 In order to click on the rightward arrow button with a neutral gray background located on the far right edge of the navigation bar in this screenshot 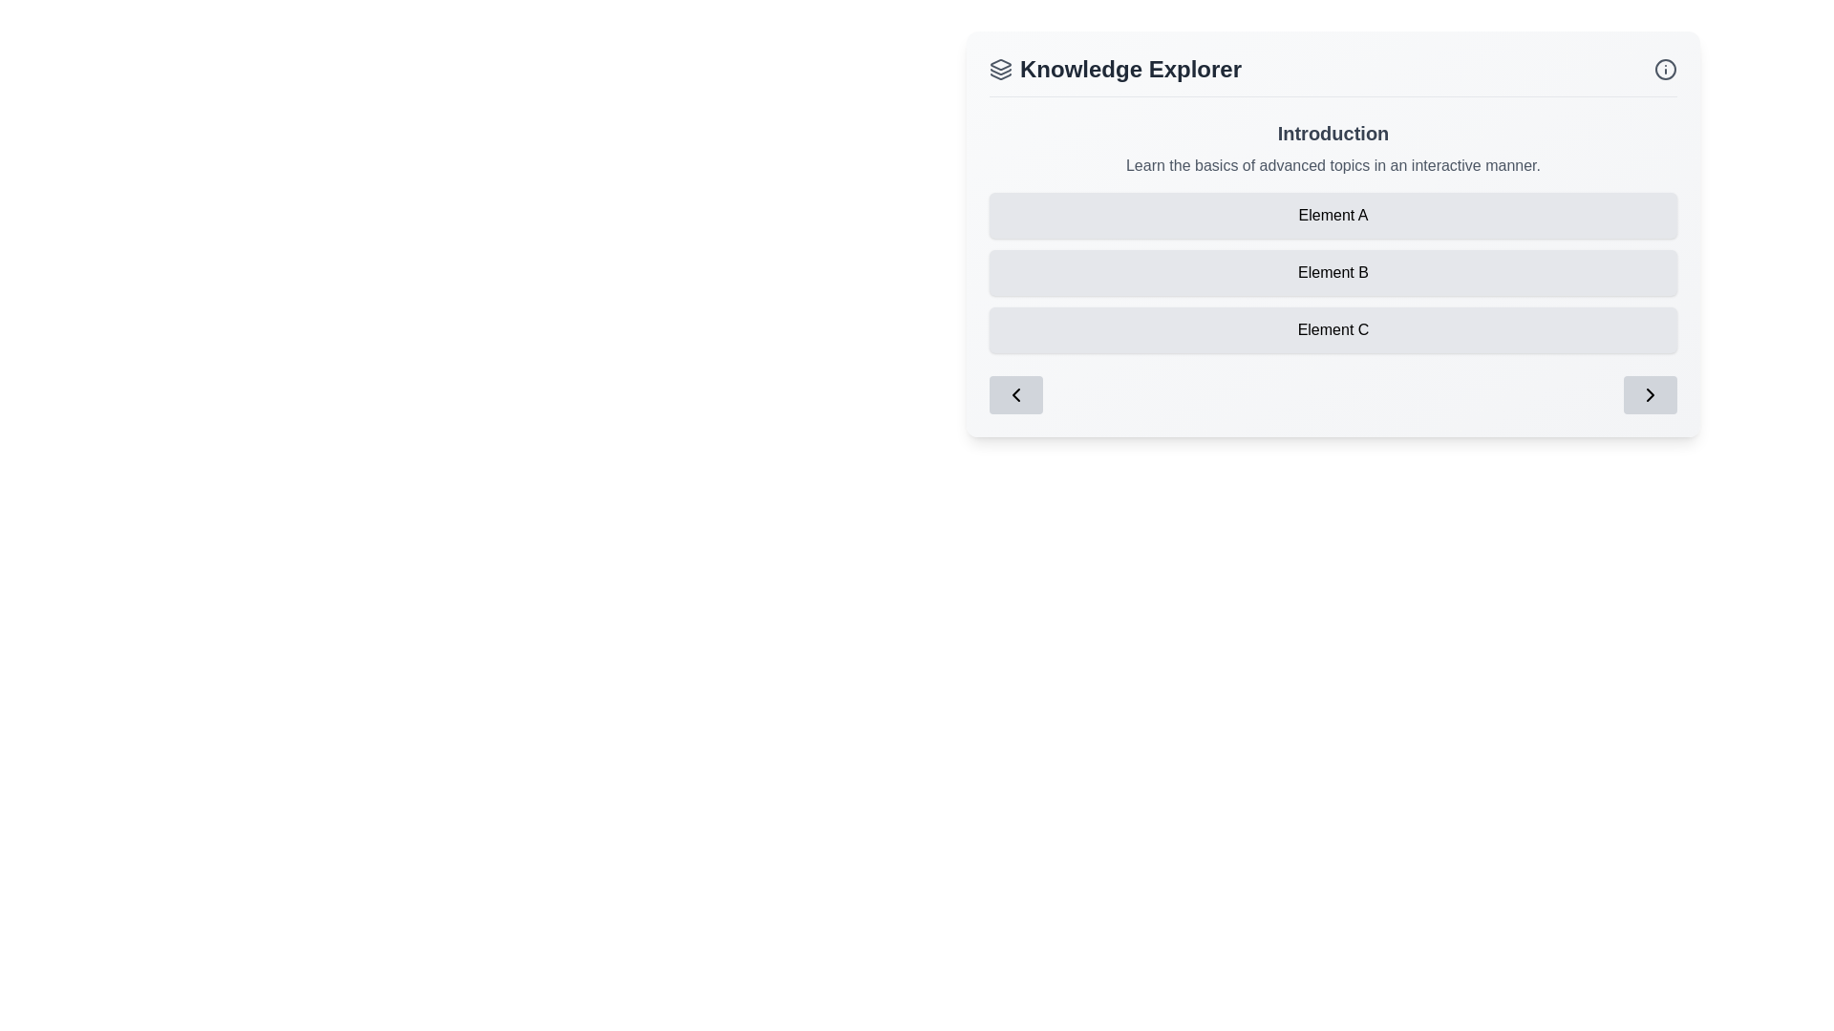, I will do `click(1650, 393)`.